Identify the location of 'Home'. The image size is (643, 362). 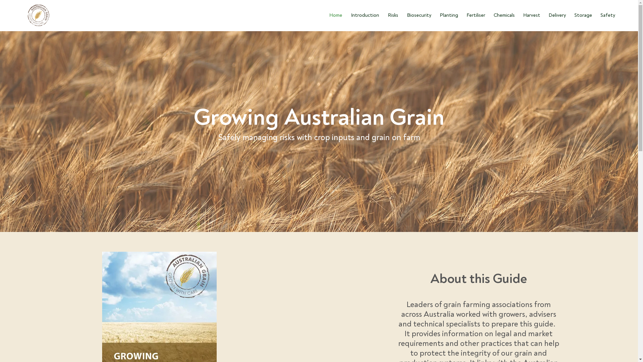
(335, 15).